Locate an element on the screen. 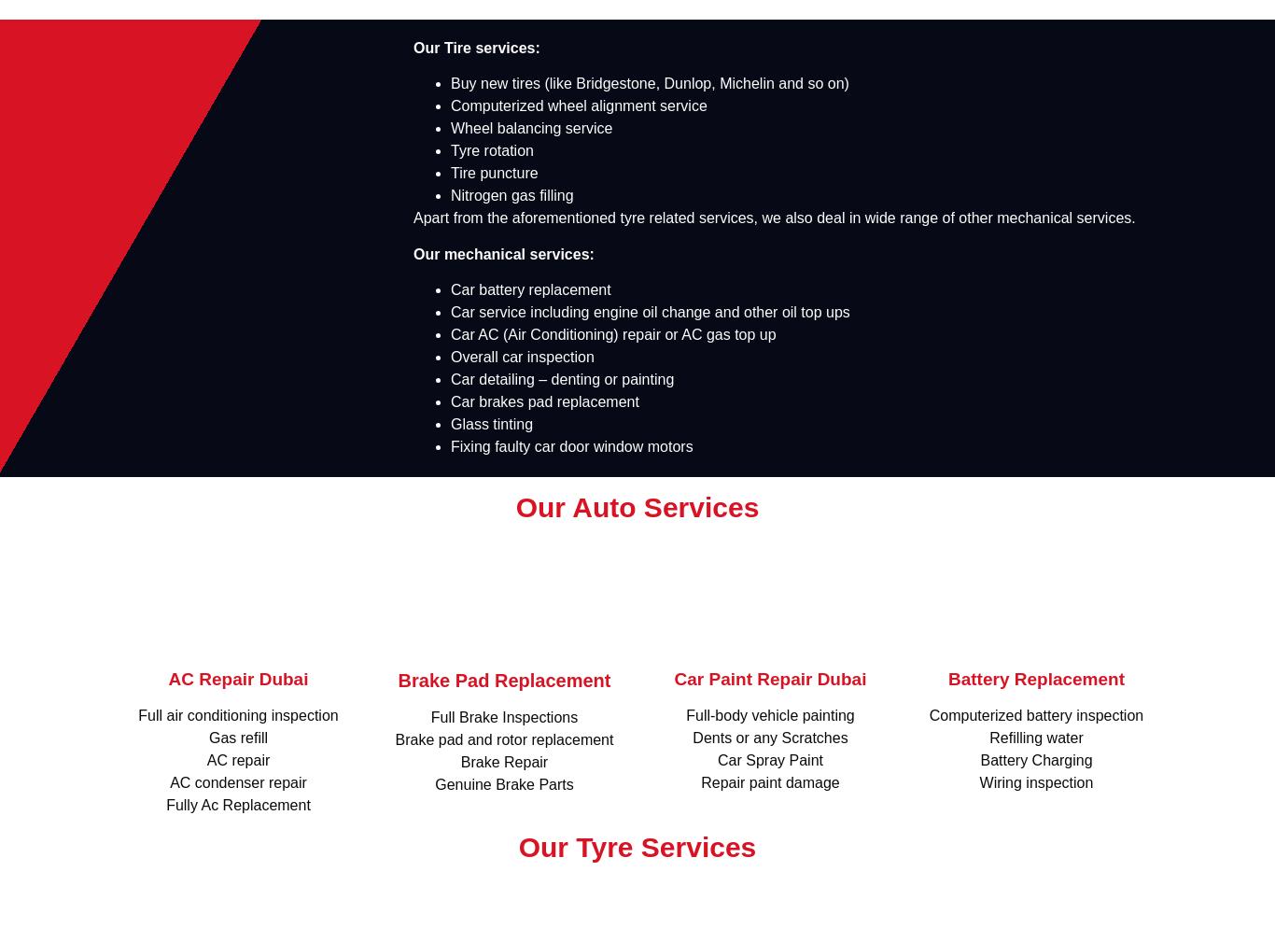 Image resolution: width=1275 pixels, height=942 pixels. 'AC repair' is located at coordinates (238, 760).